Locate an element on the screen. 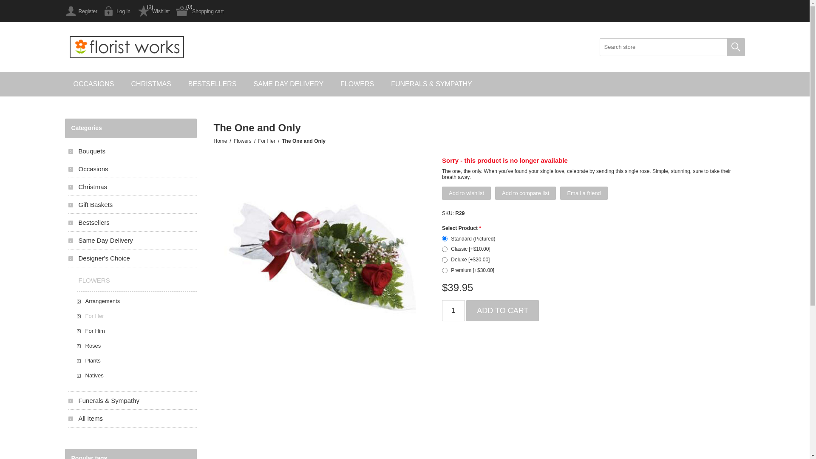 The height and width of the screenshot is (459, 816). 'BESTSELLERS' is located at coordinates (212, 84).